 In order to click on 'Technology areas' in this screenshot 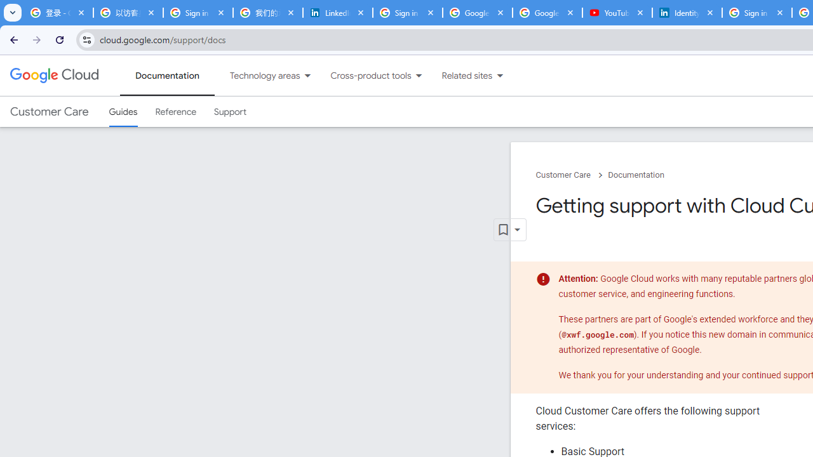, I will do `click(257, 76)`.